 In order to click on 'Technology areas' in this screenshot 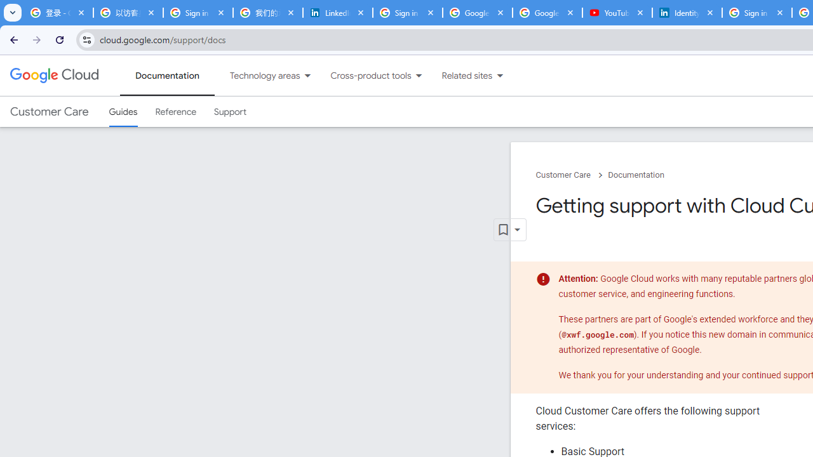, I will do `click(257, 76)`.